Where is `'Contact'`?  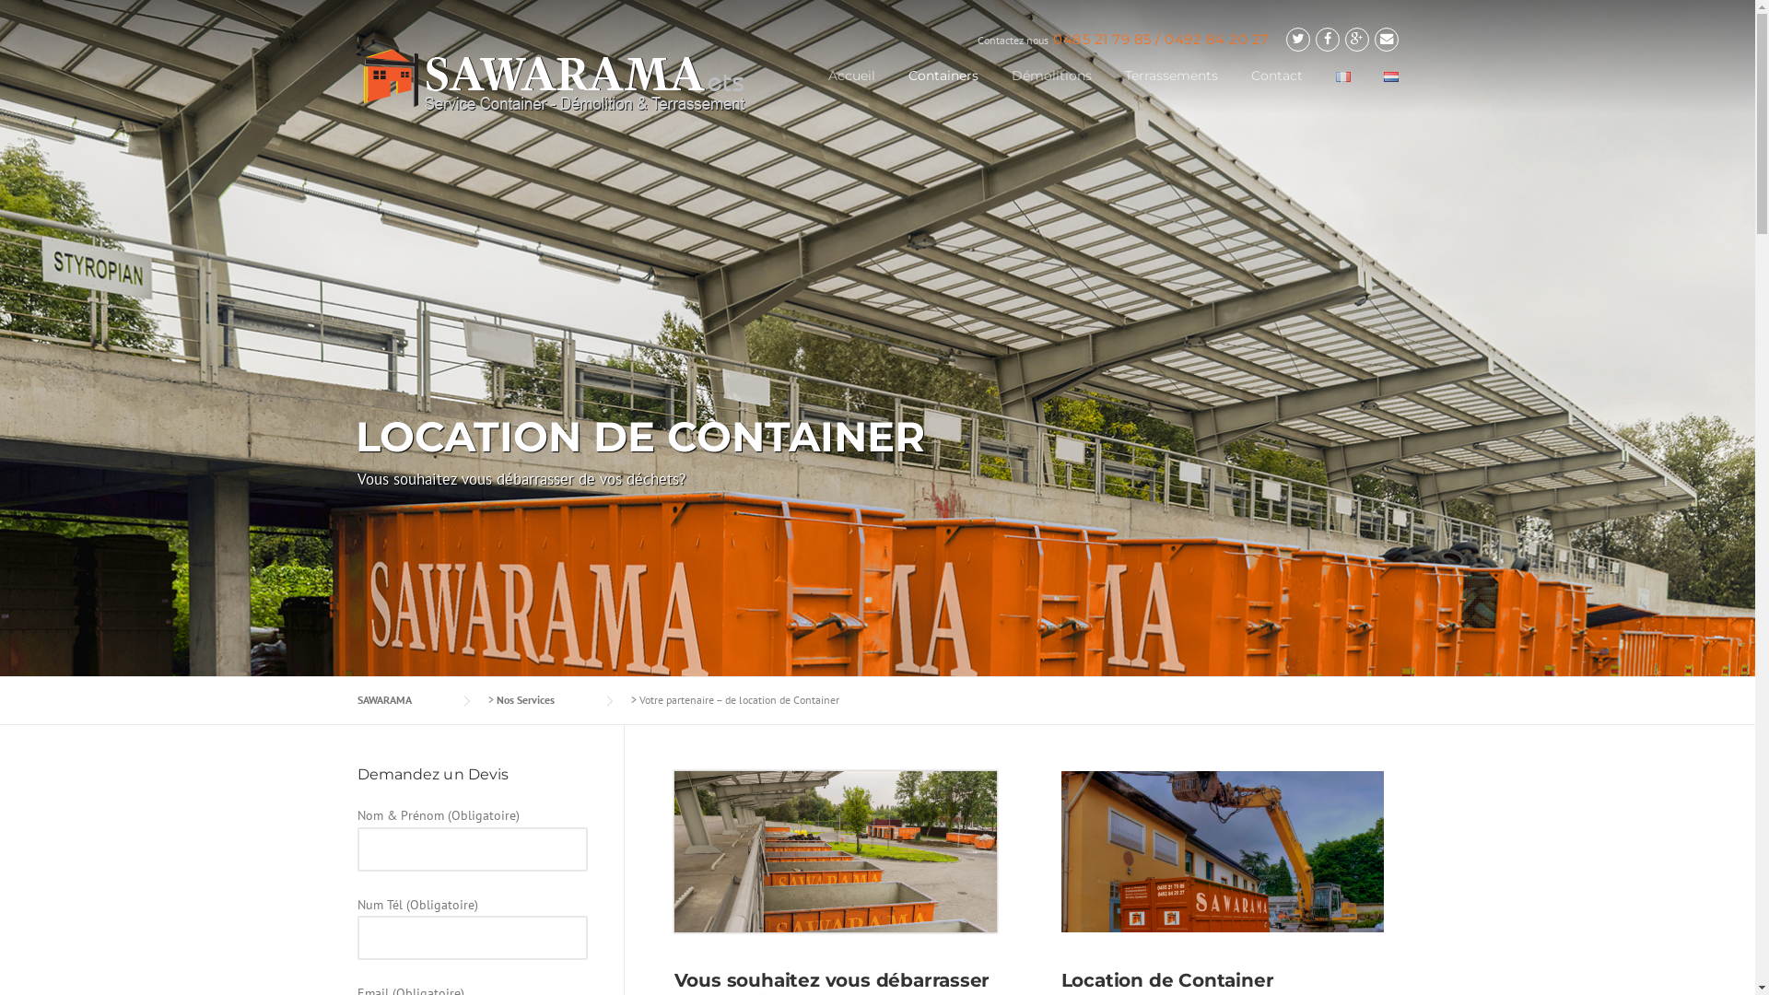 'Contact' is located at coordinates (1276, 89).